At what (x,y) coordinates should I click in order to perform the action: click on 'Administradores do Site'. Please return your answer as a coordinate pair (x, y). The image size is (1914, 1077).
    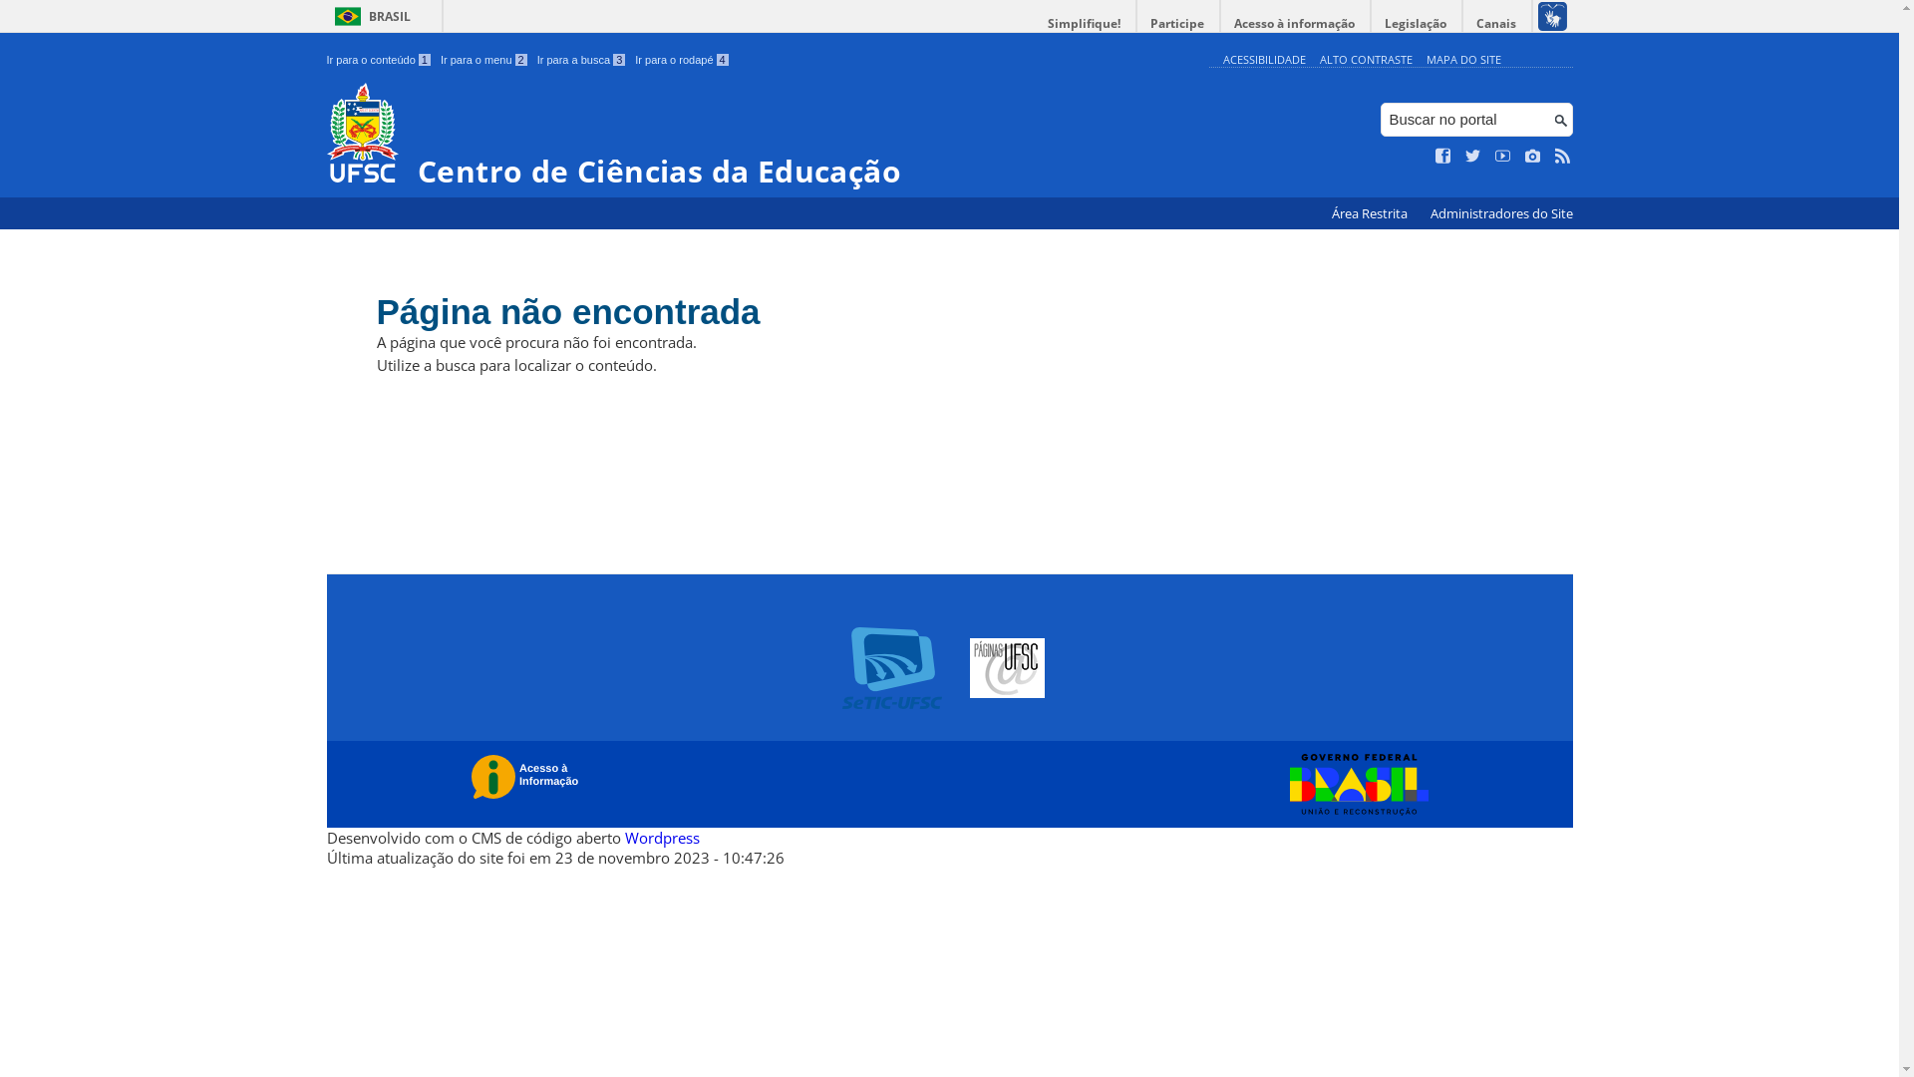
    Looking at the image, I should click on (1500, 213).